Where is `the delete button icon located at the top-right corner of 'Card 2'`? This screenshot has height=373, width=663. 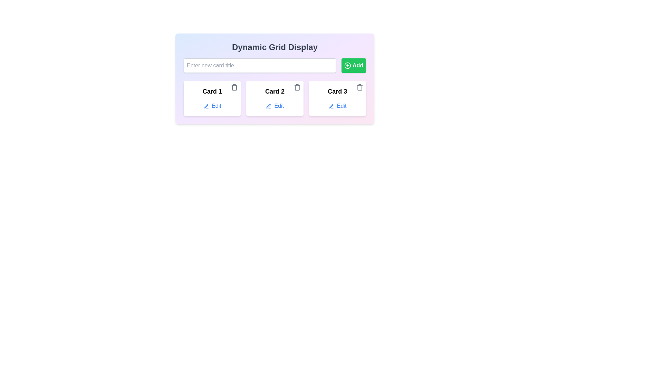 the delete button icon located at the top-right corner of 'Card 2' is located at coordinates (297, 87).